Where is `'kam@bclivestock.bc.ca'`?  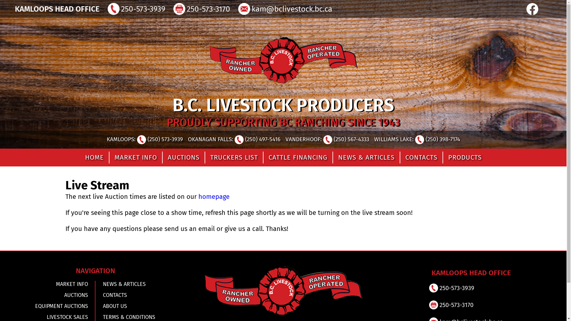
'kam@bclivestock.bc.ca' is located at coordinates (291, 9).